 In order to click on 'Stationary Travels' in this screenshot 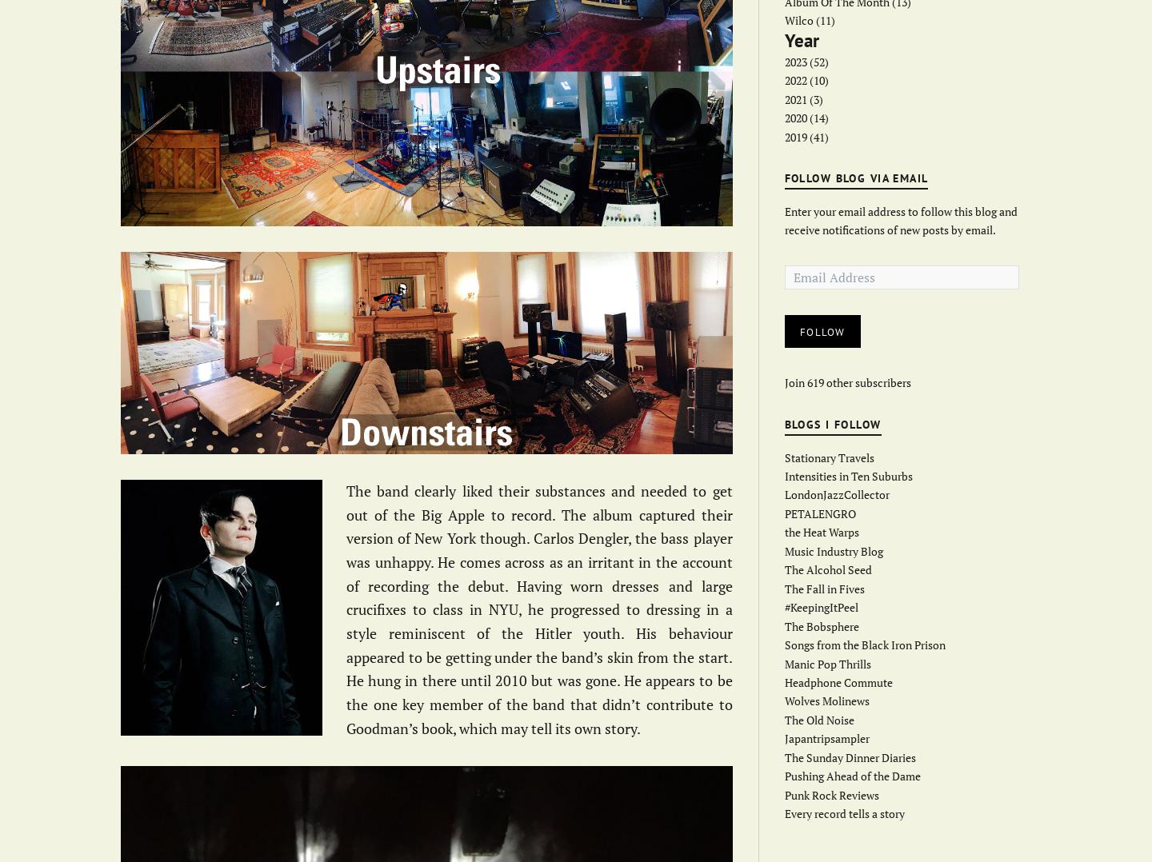, I will do `click(828, 456)`.